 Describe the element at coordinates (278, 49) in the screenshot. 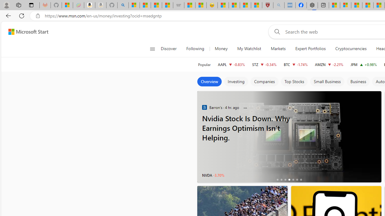

I see `'Markets'` at that location.